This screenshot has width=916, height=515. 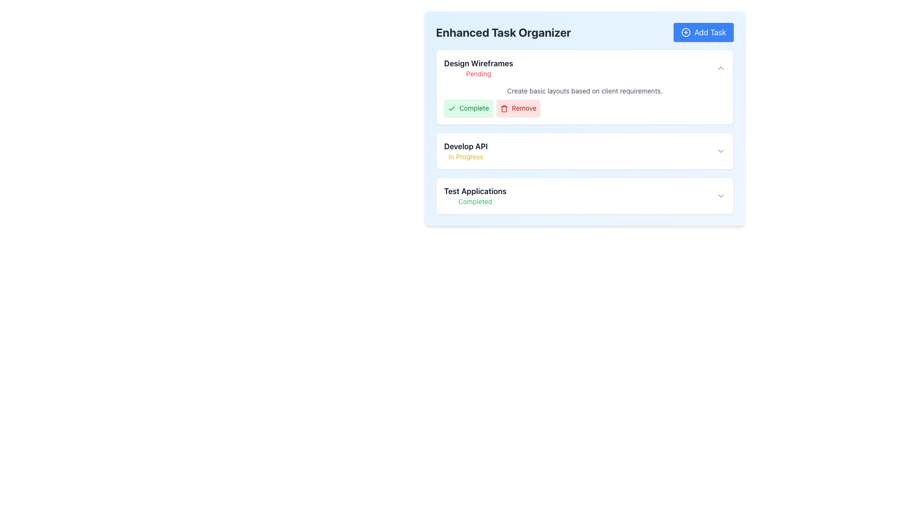 What do you see at coordinates (685, 32) in the screenshot?
I see `the 'Add Task' icon located before the text label 'Add Task' within a blue rectangular button in the top-right section of the interface` at bounding box center [685, 32].